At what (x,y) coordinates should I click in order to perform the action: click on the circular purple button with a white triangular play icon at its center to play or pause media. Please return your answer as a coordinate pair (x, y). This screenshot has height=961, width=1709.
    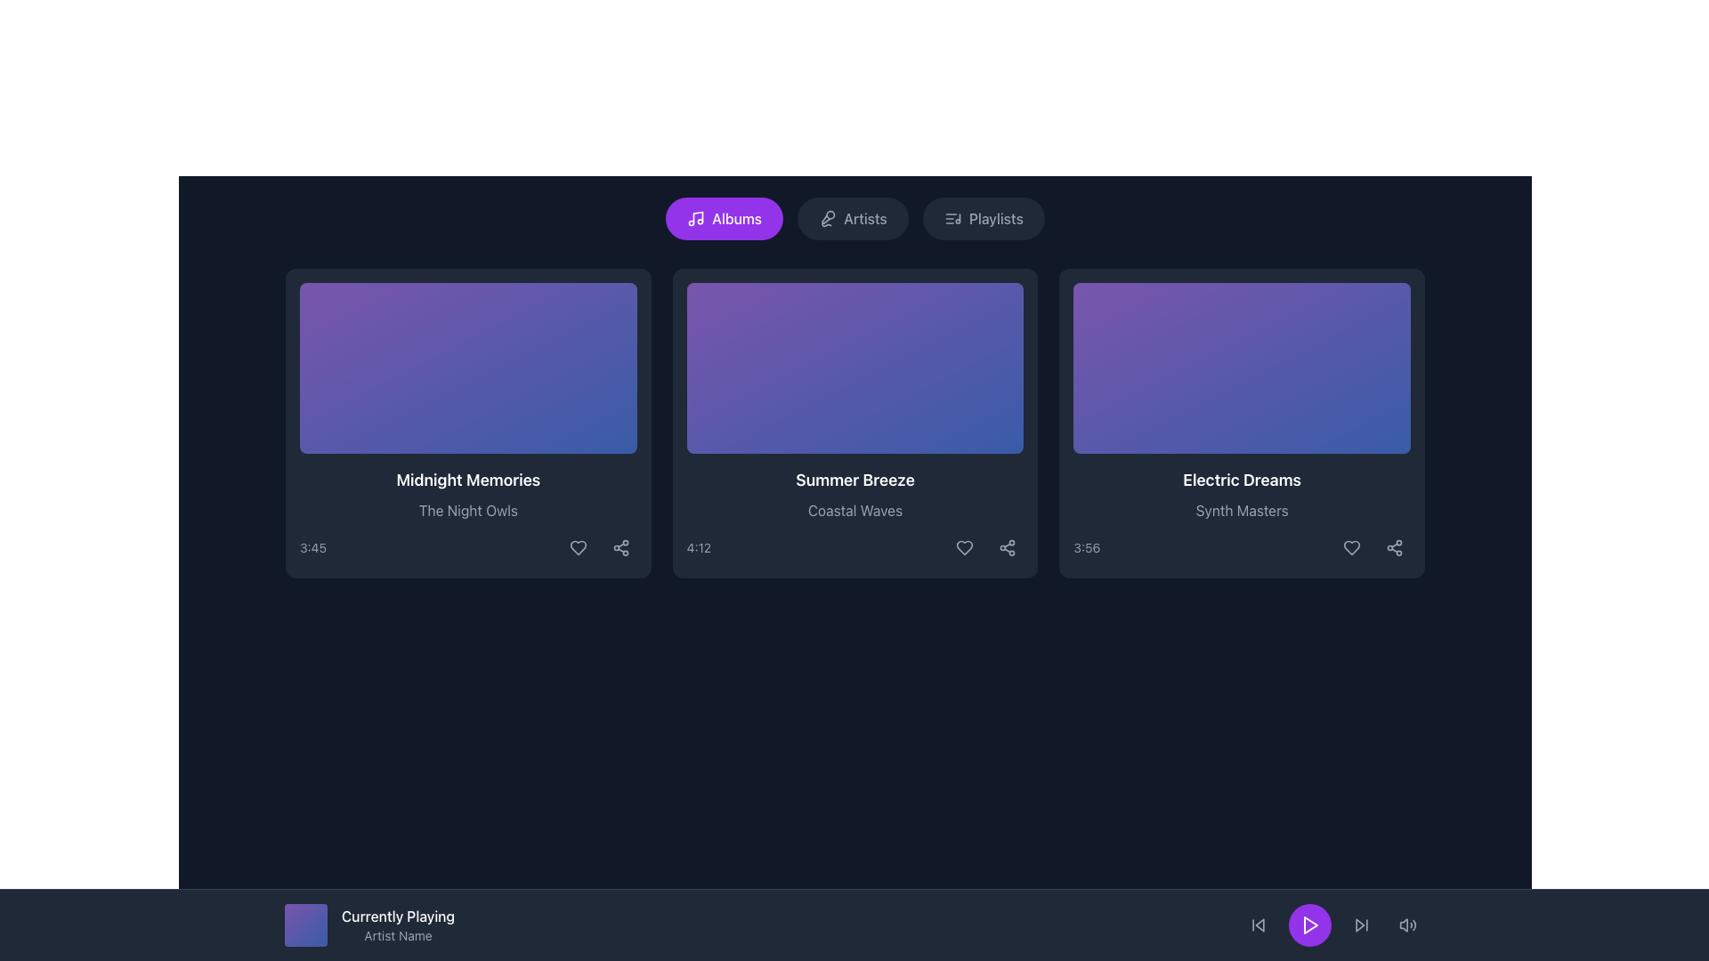
    Looking at the image, I should click on (1310, 925).